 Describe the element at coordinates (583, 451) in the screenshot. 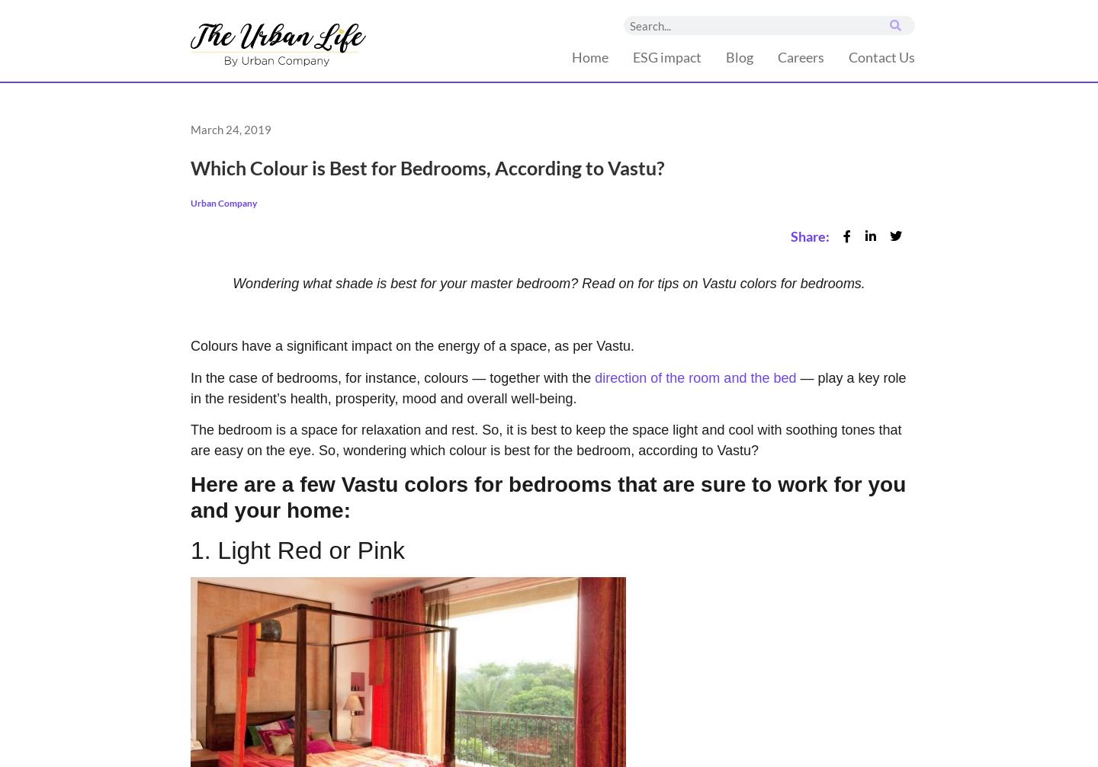

I see `'which colour is best for the bedroom, according to Vastu?'` at that location.